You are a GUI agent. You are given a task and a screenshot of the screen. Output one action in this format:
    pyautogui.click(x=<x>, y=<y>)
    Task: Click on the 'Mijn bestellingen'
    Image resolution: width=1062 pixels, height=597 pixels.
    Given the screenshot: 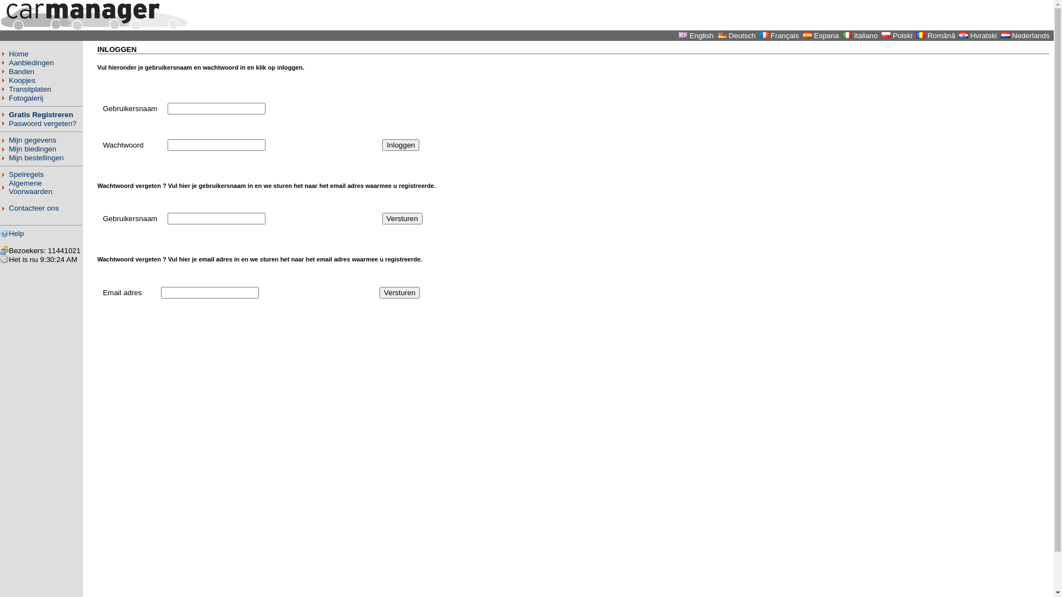 What is the action you would take?
    pyautogui.click(x=36, y=158)
    